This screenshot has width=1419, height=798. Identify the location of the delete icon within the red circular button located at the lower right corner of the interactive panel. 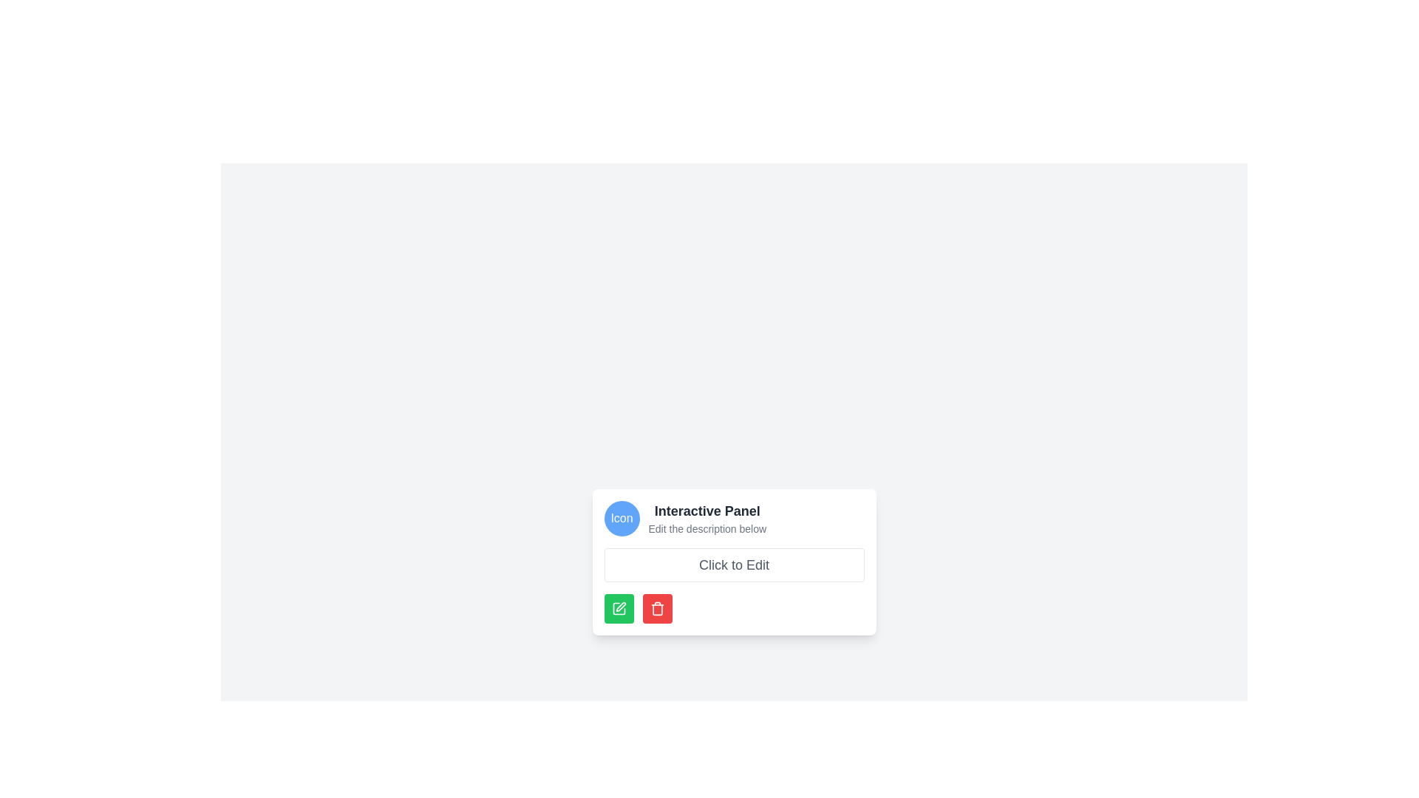
(656, 609).